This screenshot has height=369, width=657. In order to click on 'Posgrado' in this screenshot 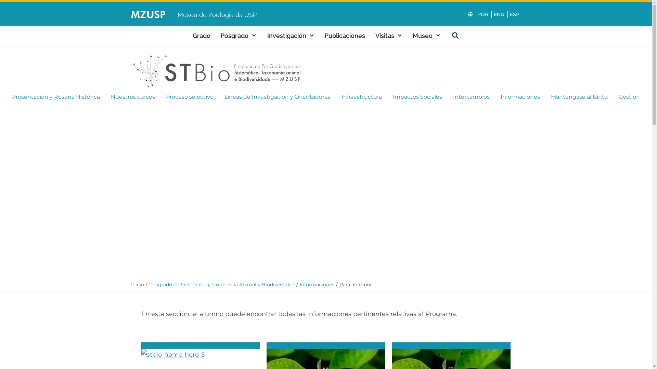, I will do `click(239, 36)`.